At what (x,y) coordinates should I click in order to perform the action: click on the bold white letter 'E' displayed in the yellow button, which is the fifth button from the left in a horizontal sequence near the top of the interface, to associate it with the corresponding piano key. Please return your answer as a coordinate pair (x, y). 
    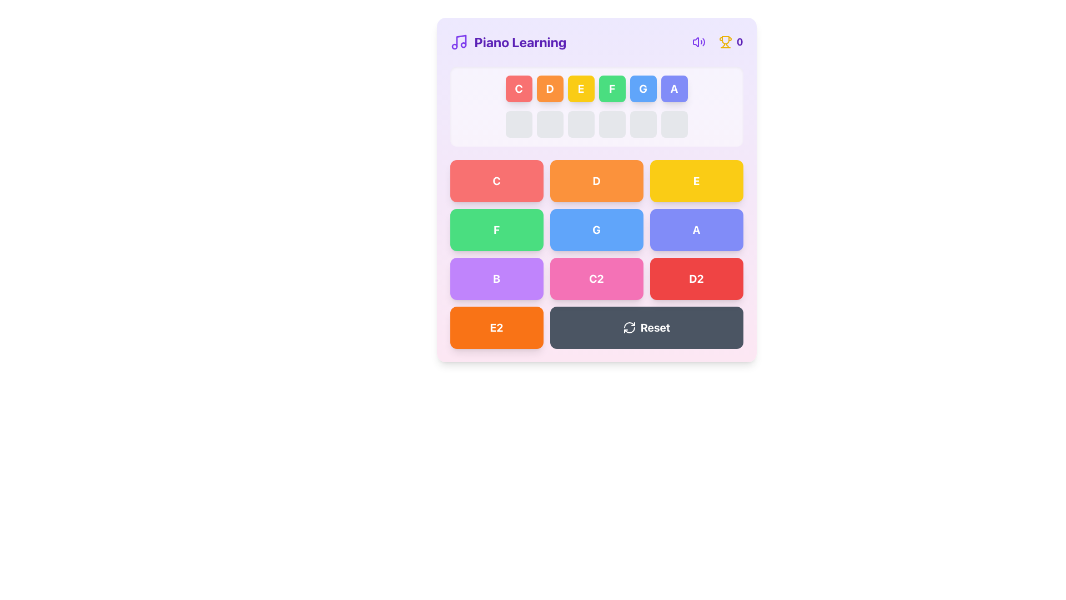
    Looking at the image, I should click on (580, 88).